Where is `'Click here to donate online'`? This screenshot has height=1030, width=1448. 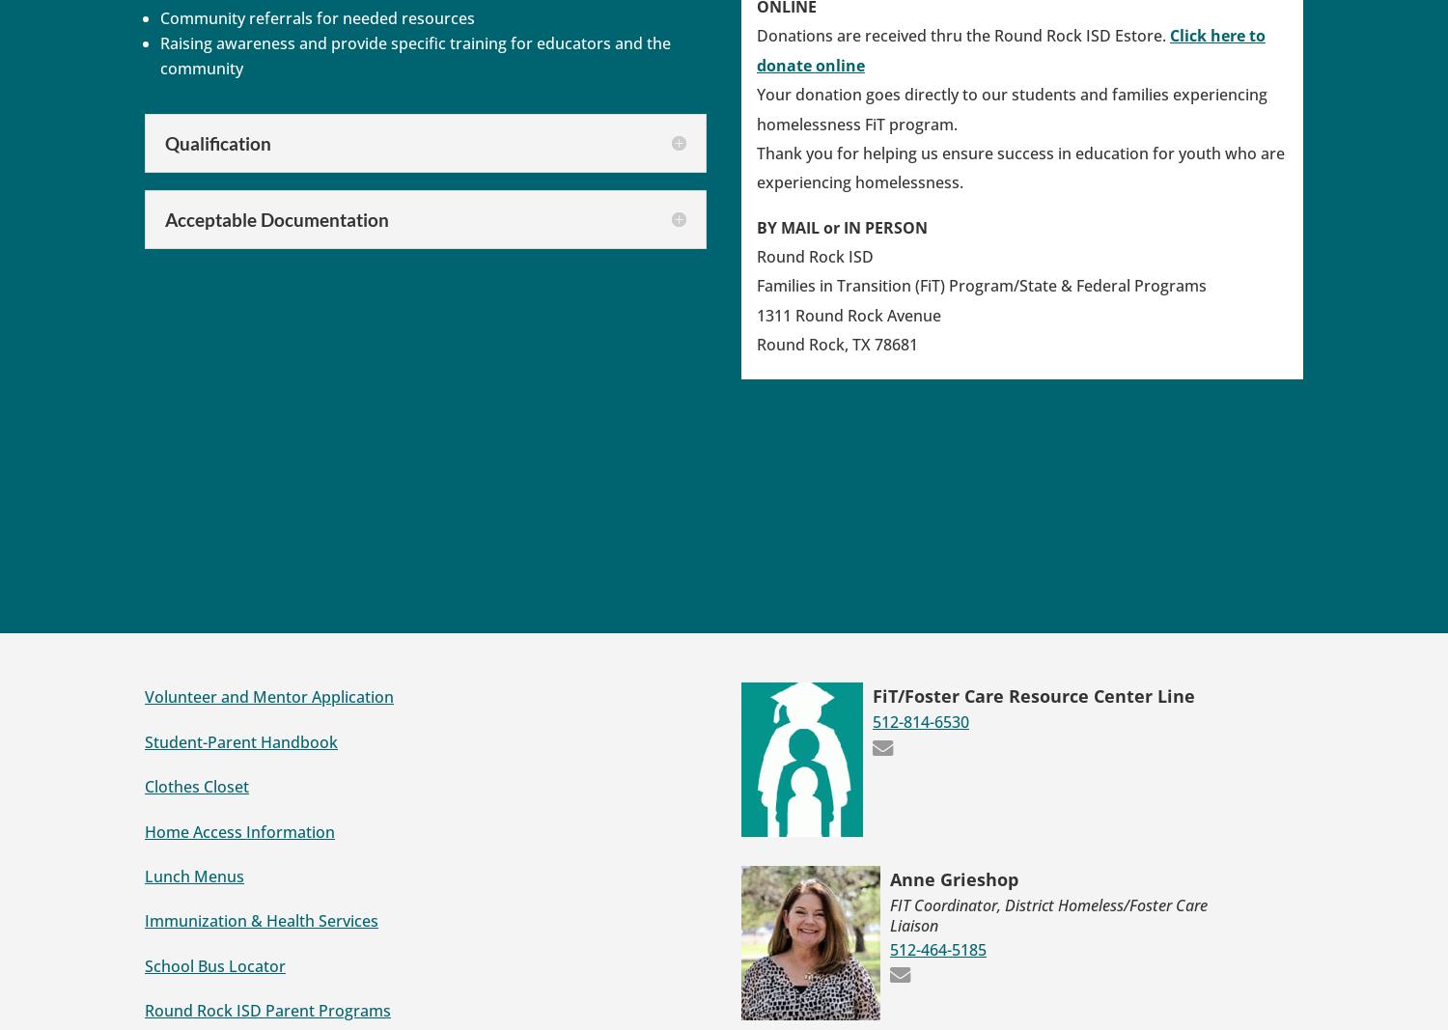
'Click here to donate online' is located at coordinates (1011, 48).